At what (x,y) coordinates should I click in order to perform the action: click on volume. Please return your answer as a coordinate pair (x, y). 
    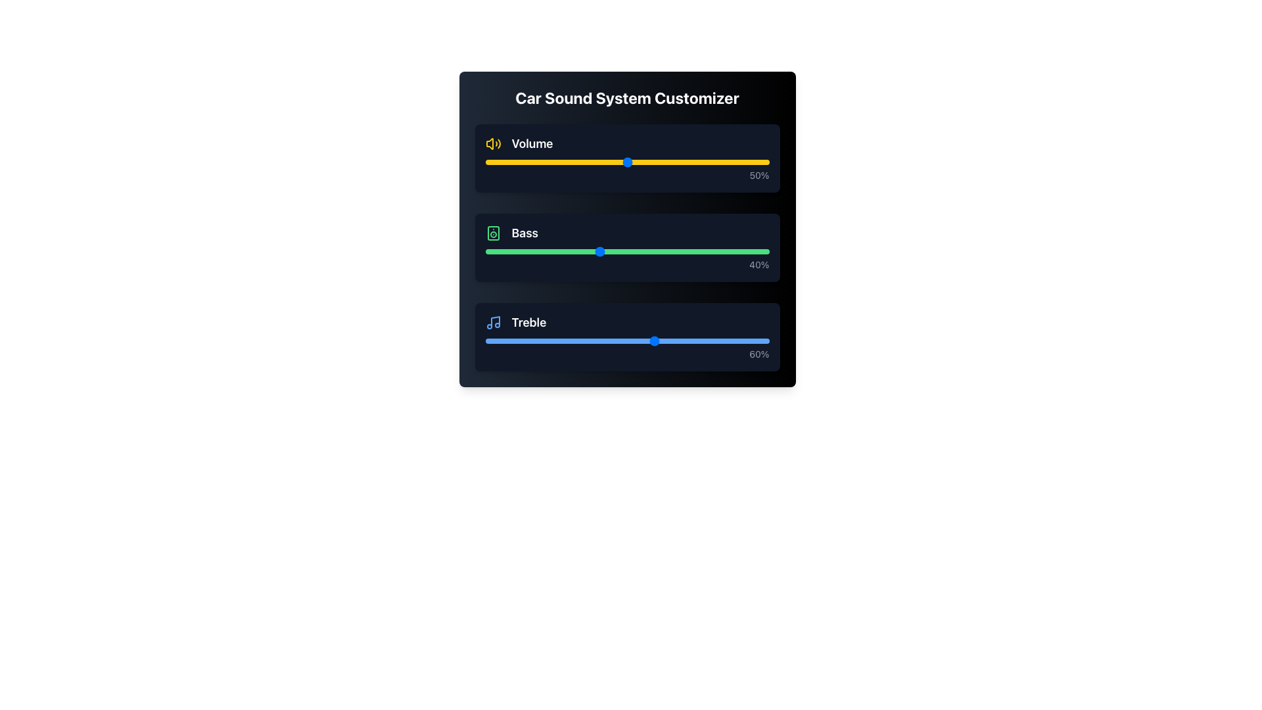
    Looking at the image, I should click on (717, 161).